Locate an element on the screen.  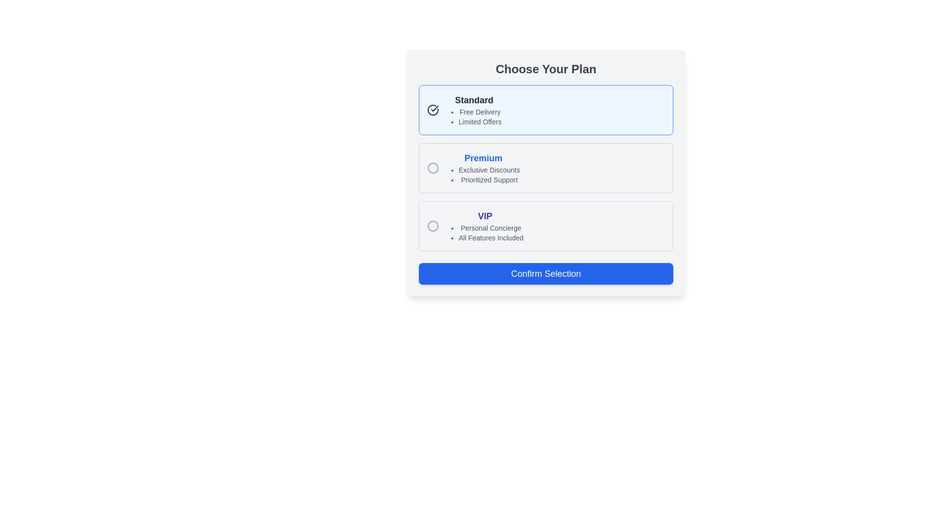
the second item in the bulleted list under the 'VIP' subscription option, which provides information about the features included in the 'VIP' subscription plan is located at coordinates (491, 237).